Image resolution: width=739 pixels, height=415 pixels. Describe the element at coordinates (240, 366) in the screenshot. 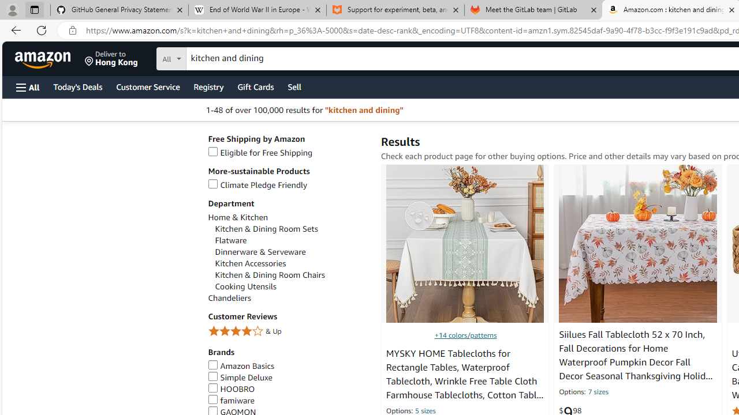

I see `'Amazon Basics'` at that location.